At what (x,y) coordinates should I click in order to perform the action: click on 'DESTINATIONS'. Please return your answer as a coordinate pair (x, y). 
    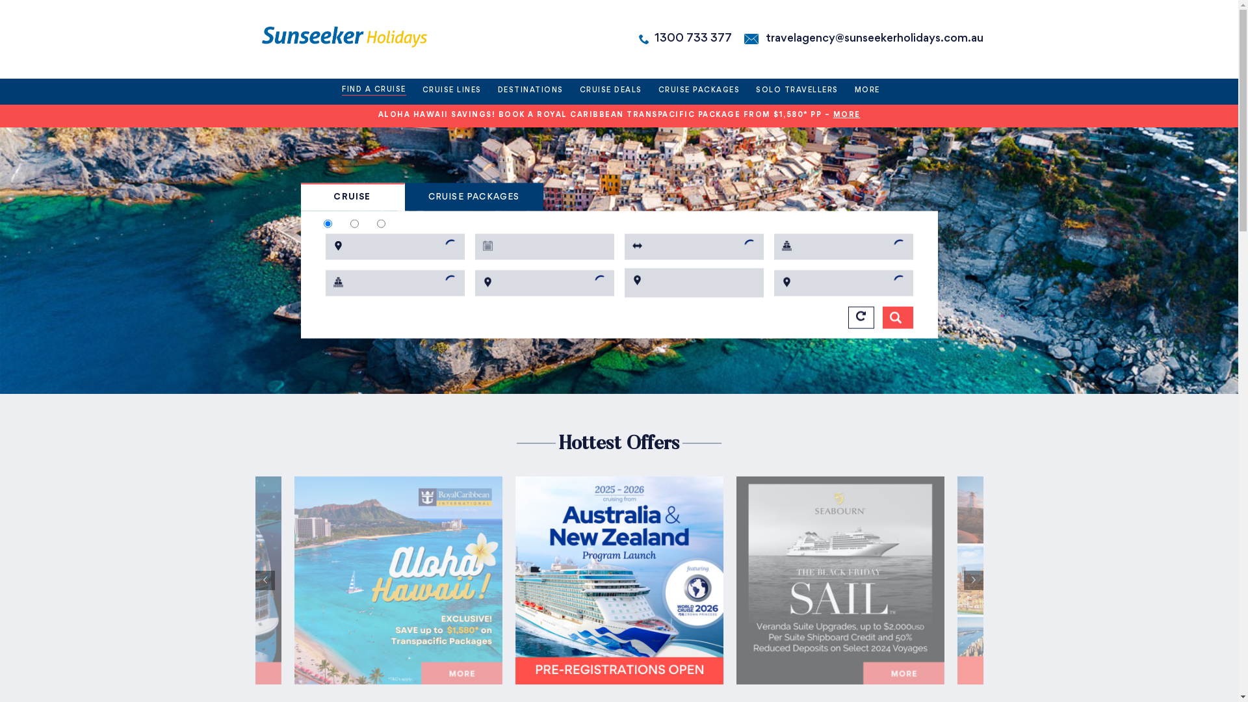
    Looking at the image, I should click on (530, 91).